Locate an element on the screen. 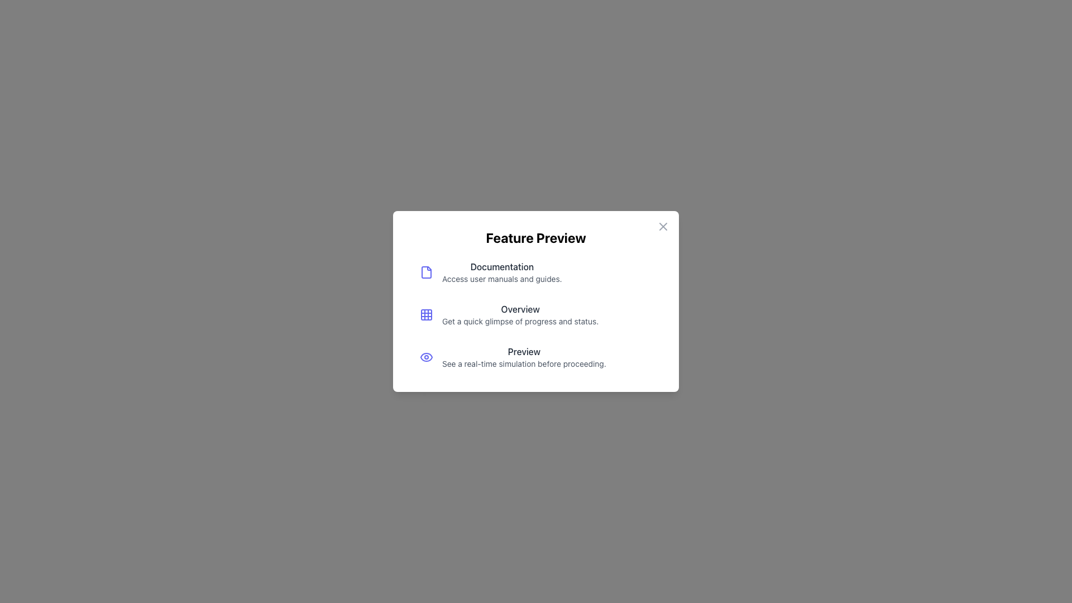 The width and height of the screenshot is (1072, 603). the interactive button that displays a document icon followed by the bold text 'Documentation' and the smaller gray text 'Access user manuals and guides' is located at coordinates (536, 272).